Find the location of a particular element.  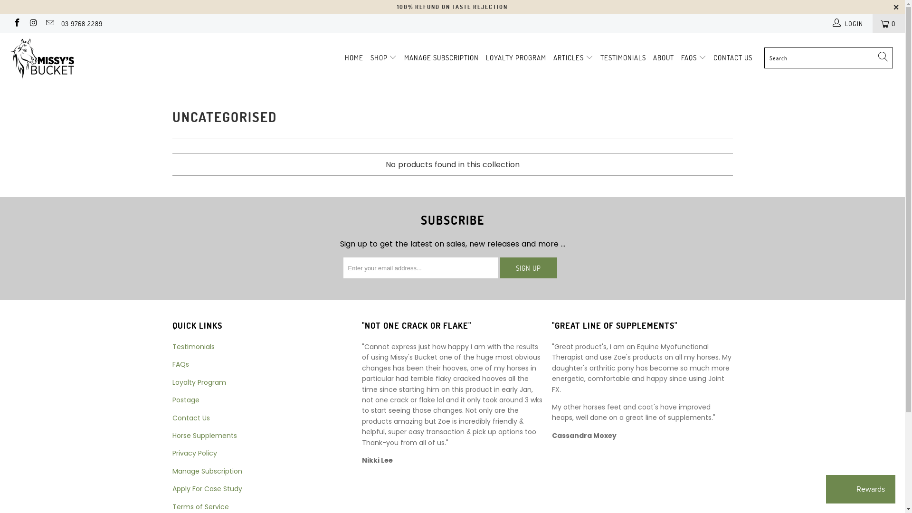

'Manage Subscription' is located at coordinates (206, 471).